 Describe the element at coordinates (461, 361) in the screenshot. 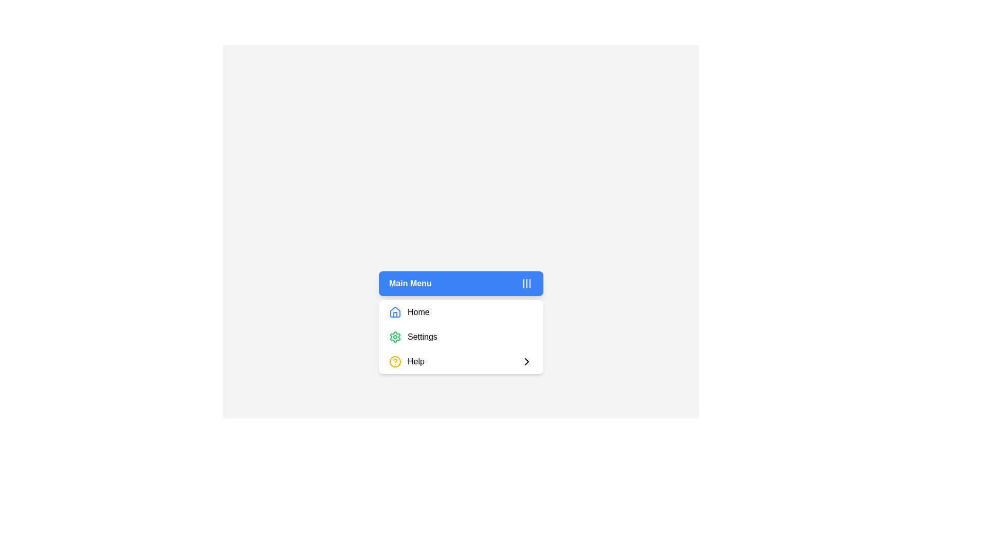

I see `the third item in the vertical list of navigation options` at that location.